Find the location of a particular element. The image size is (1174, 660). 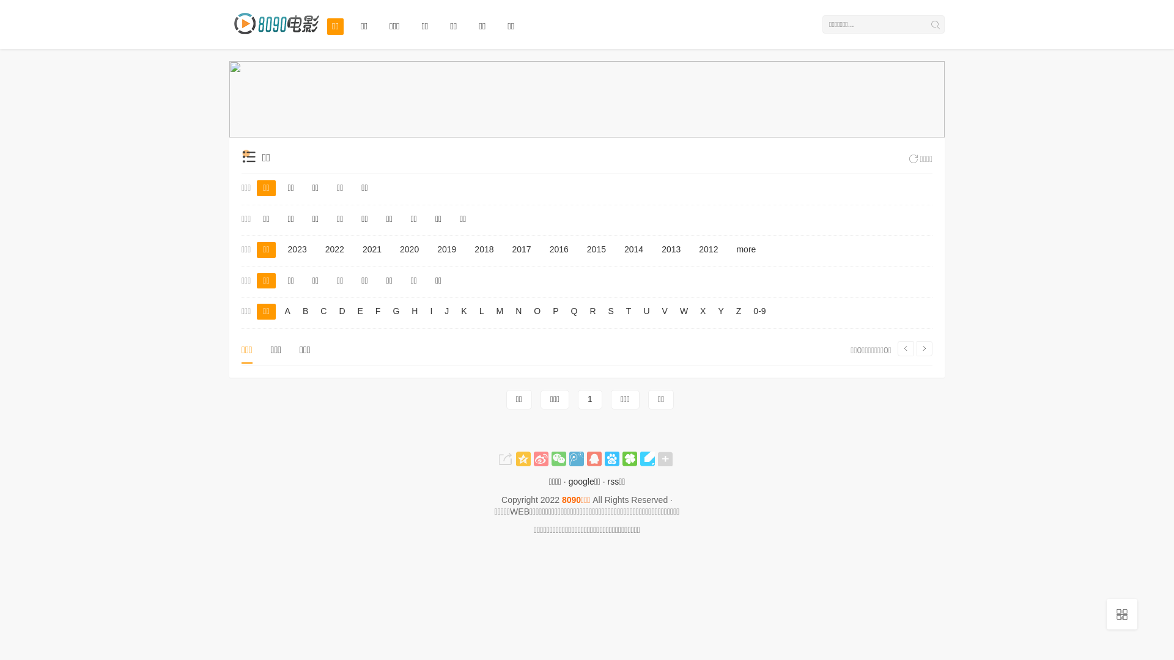

'A' is located at coordinates (281, 310).